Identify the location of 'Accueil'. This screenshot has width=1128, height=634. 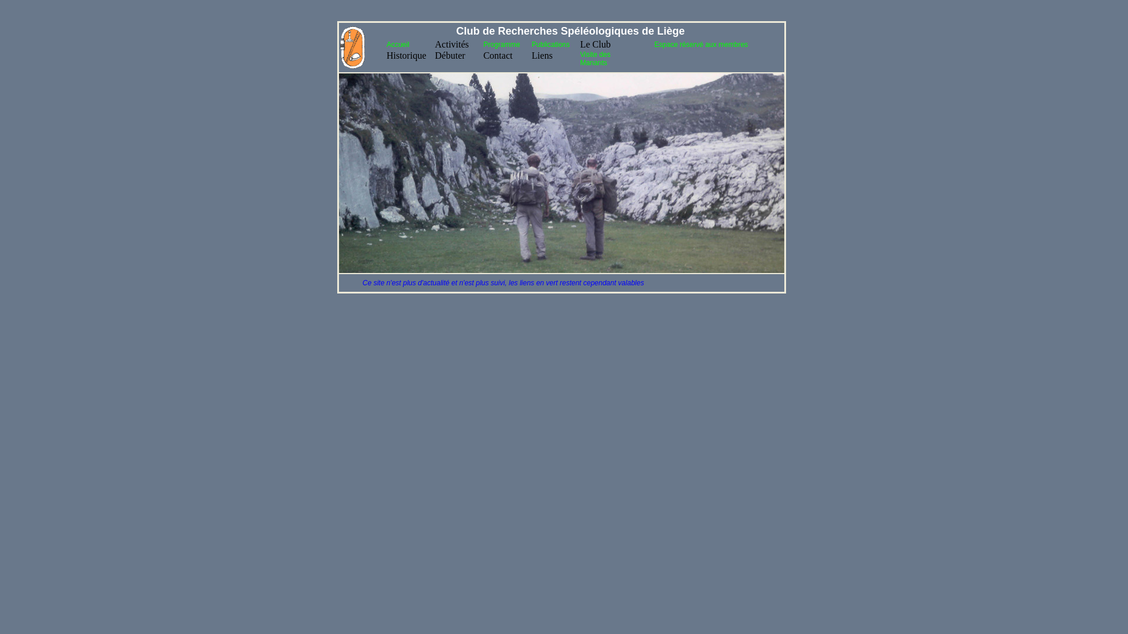
(398, 44).